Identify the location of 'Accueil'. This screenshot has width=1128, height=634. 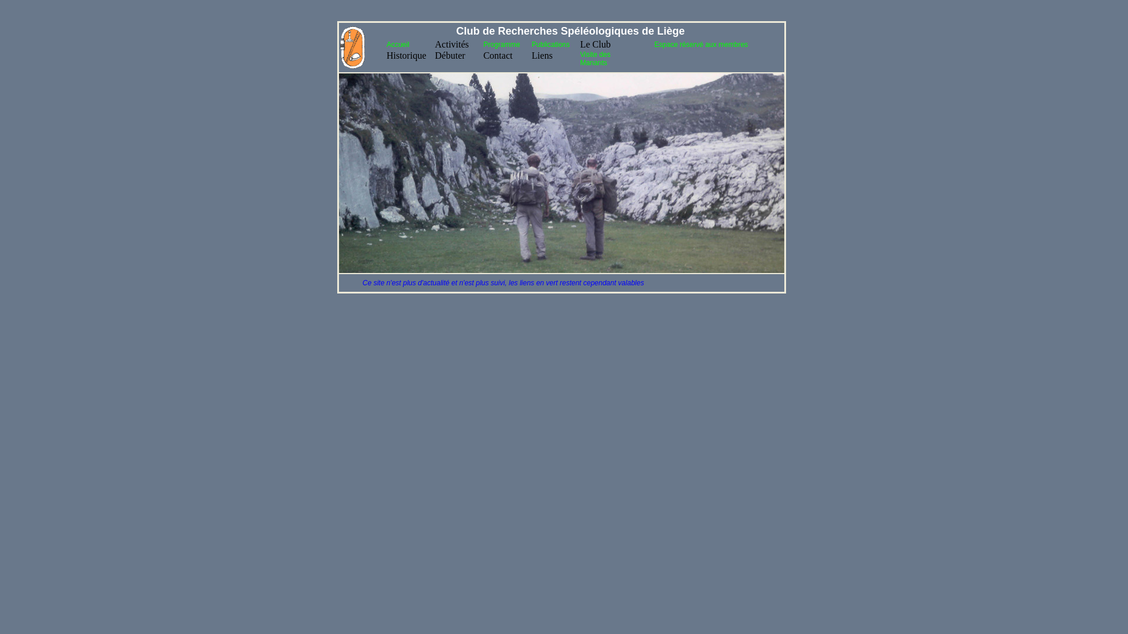
(398, 44).